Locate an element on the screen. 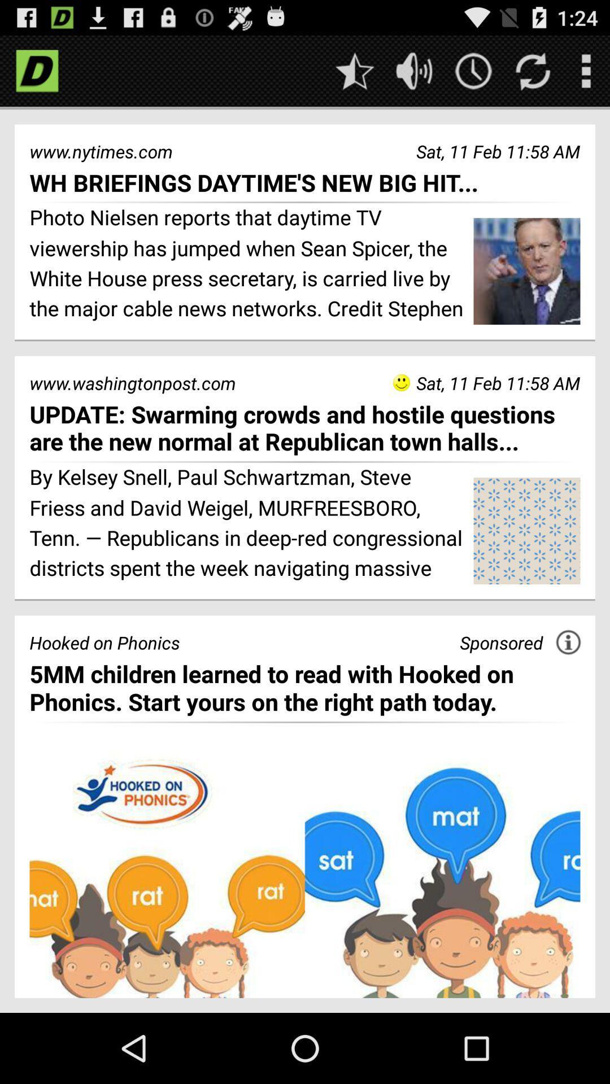  the refresh icon is located at coordinates (533, 75).